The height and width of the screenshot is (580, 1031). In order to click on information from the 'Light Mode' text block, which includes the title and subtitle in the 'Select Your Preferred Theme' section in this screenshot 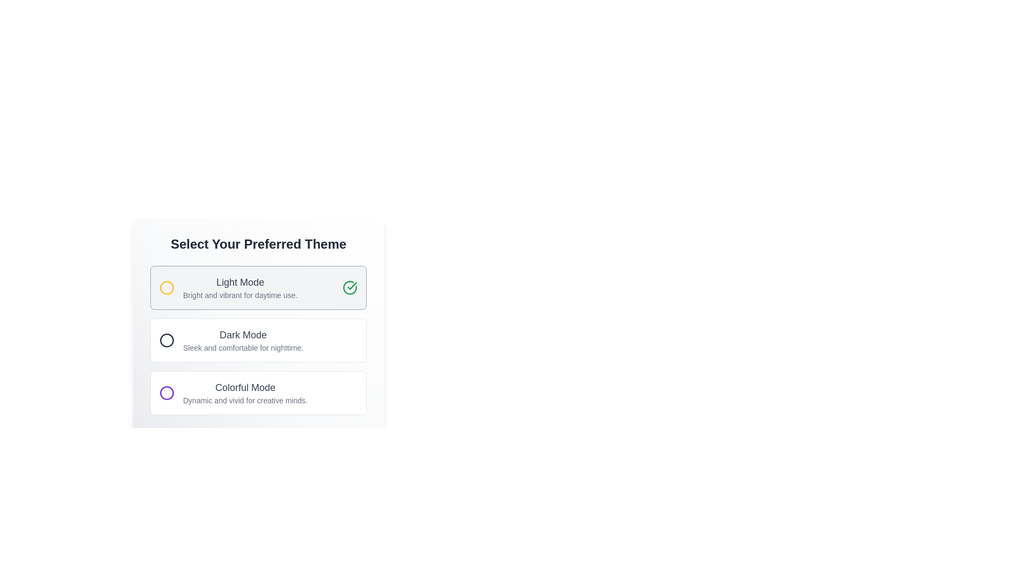, I will do `click(239, 287)`.